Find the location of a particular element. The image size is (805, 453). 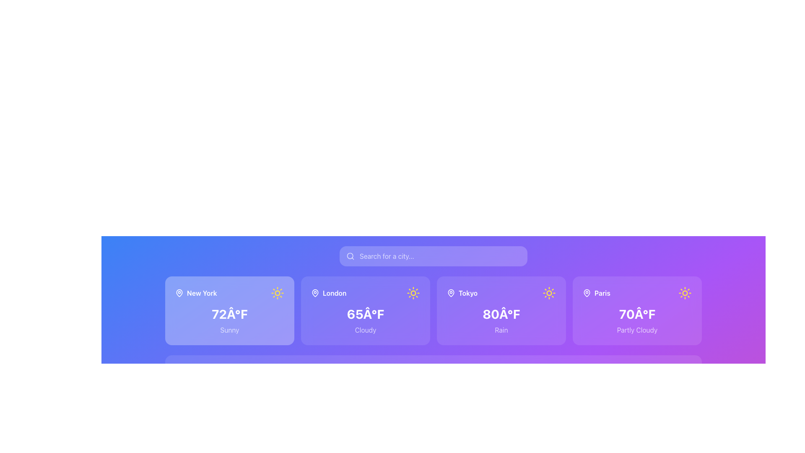

the circular part of the search icon located in the top center of the interface is located at coordinates (350, 255).